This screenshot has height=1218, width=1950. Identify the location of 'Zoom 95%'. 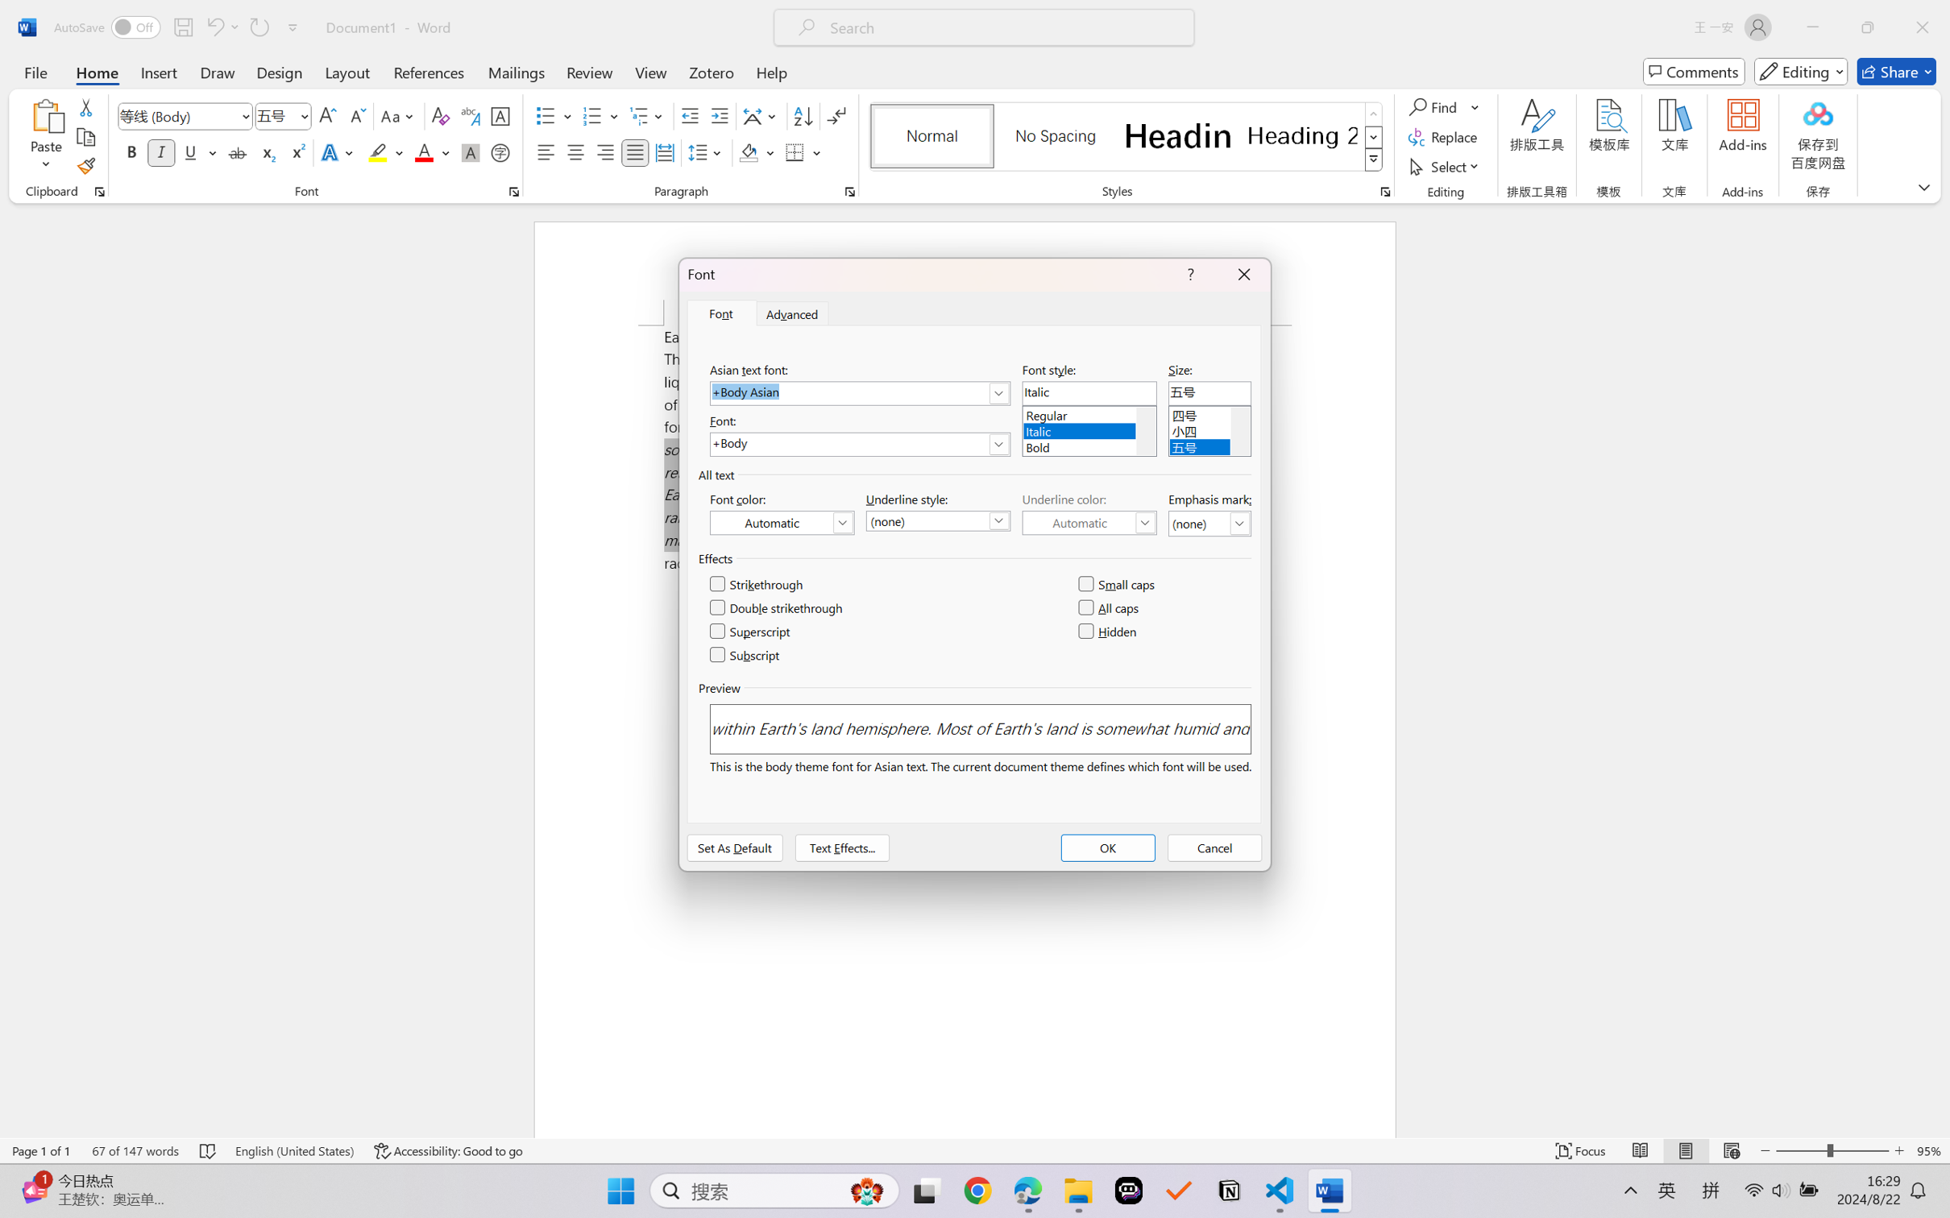
(1929, 1150).